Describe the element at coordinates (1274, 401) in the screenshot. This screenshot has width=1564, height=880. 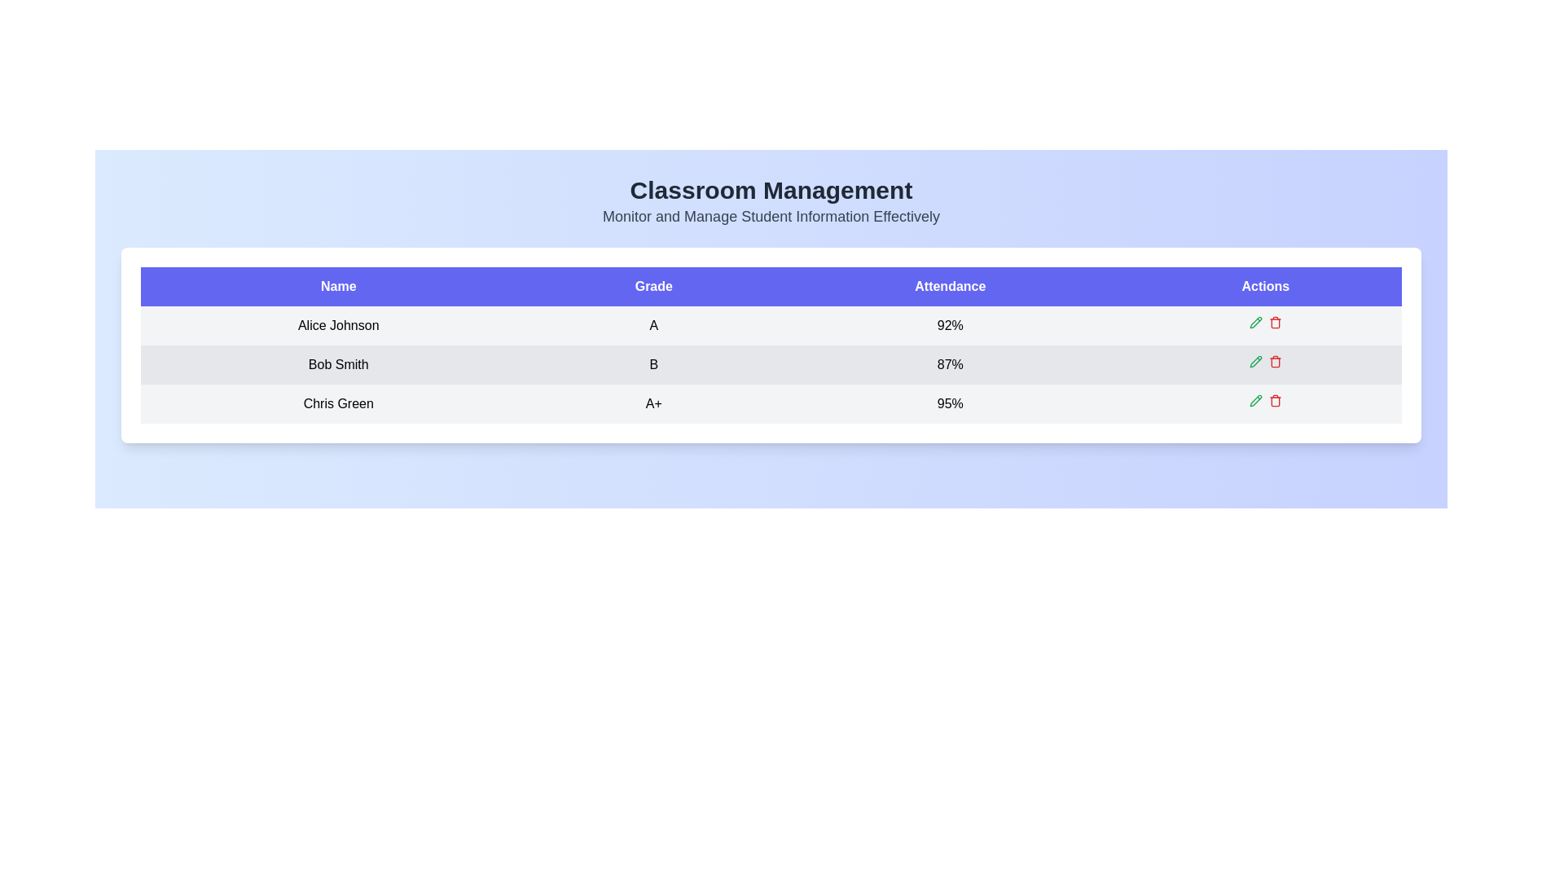
I see `the delete button, which is the second icon in the 'Actions' column of the third row in the table` at that location.